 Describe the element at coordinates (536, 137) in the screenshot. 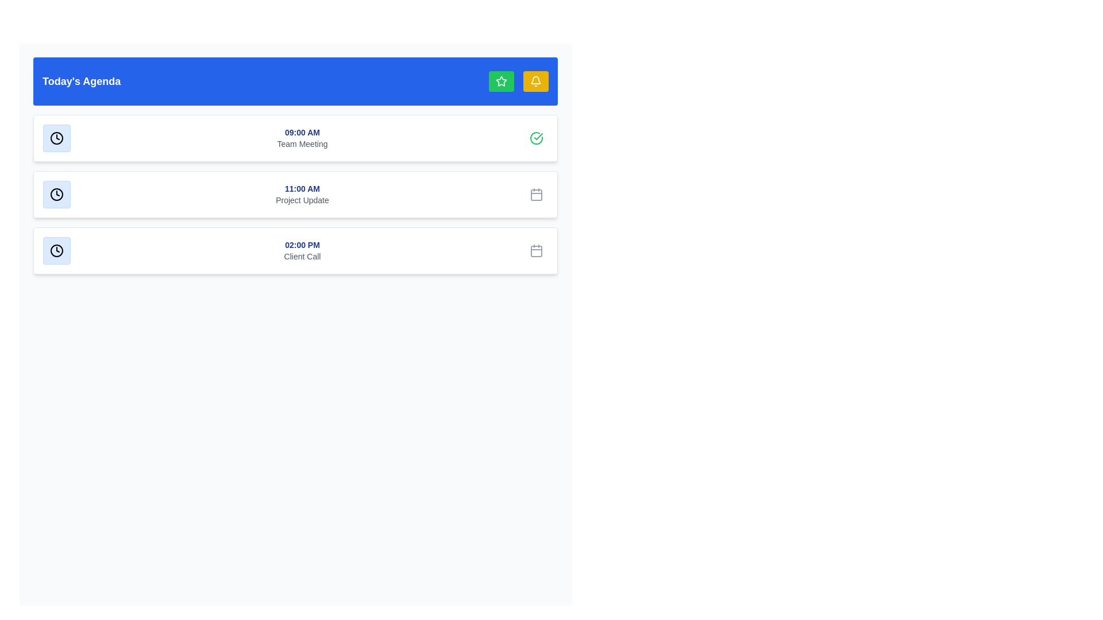

I see `the status indicator button located at the far-right of the '09:00 AM Team Meeting' row to mark the item` at that location.